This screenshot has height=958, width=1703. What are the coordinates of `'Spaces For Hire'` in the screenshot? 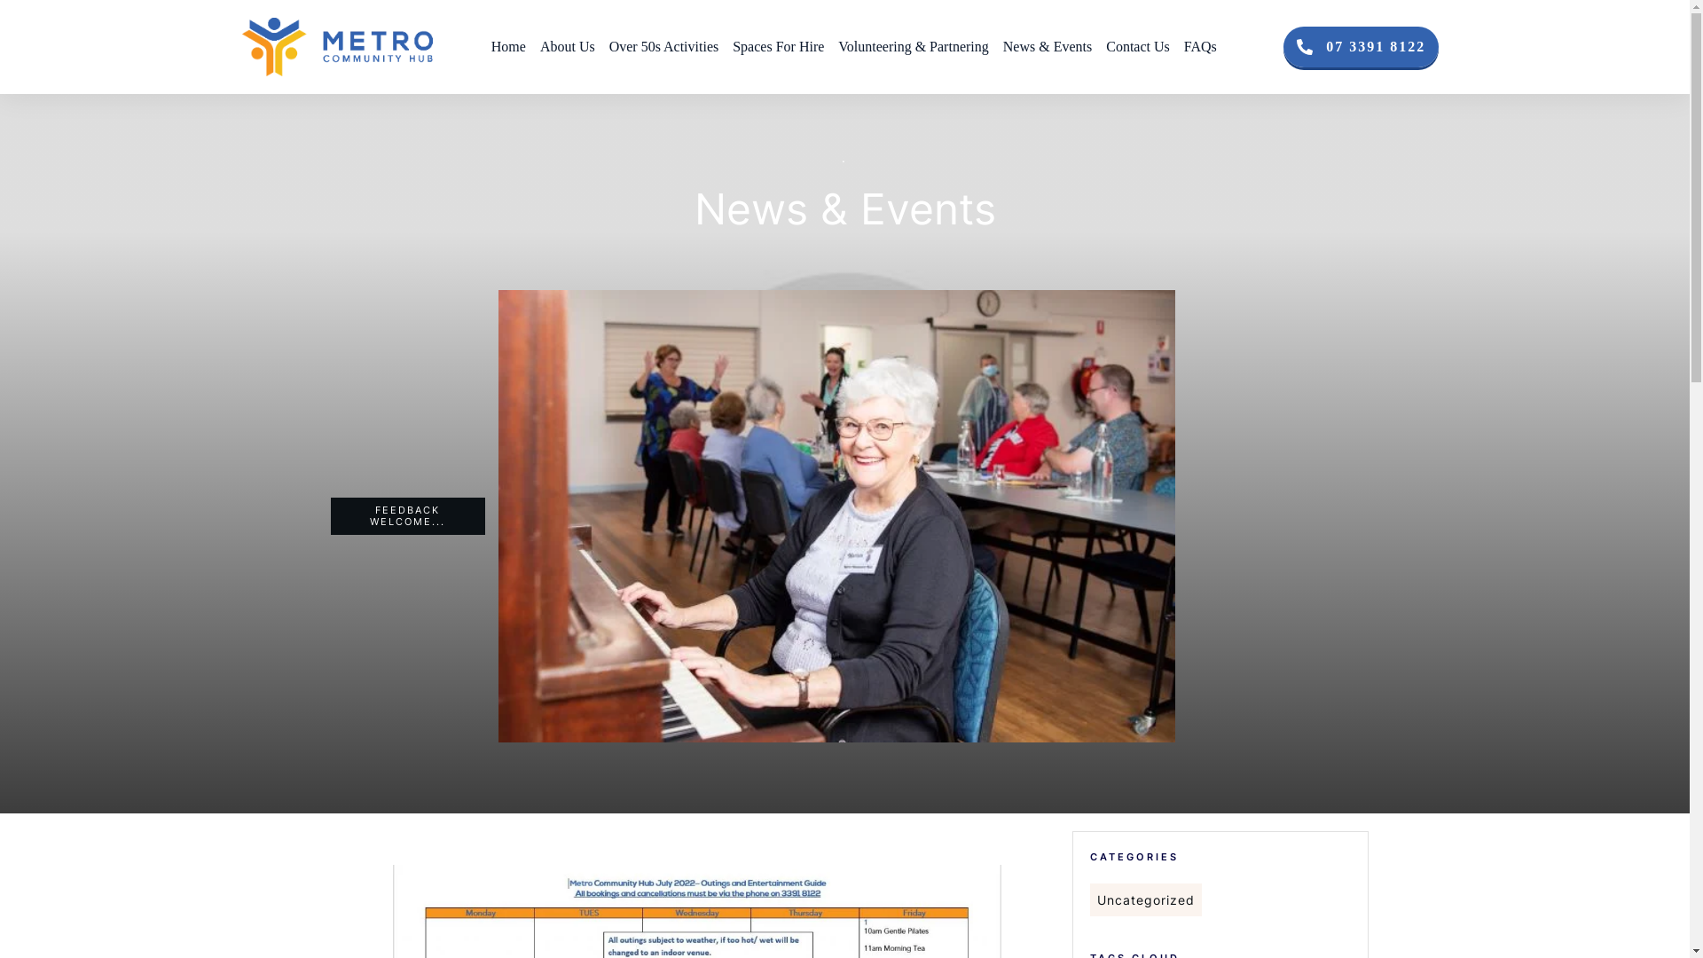 It's located at (778, 46).